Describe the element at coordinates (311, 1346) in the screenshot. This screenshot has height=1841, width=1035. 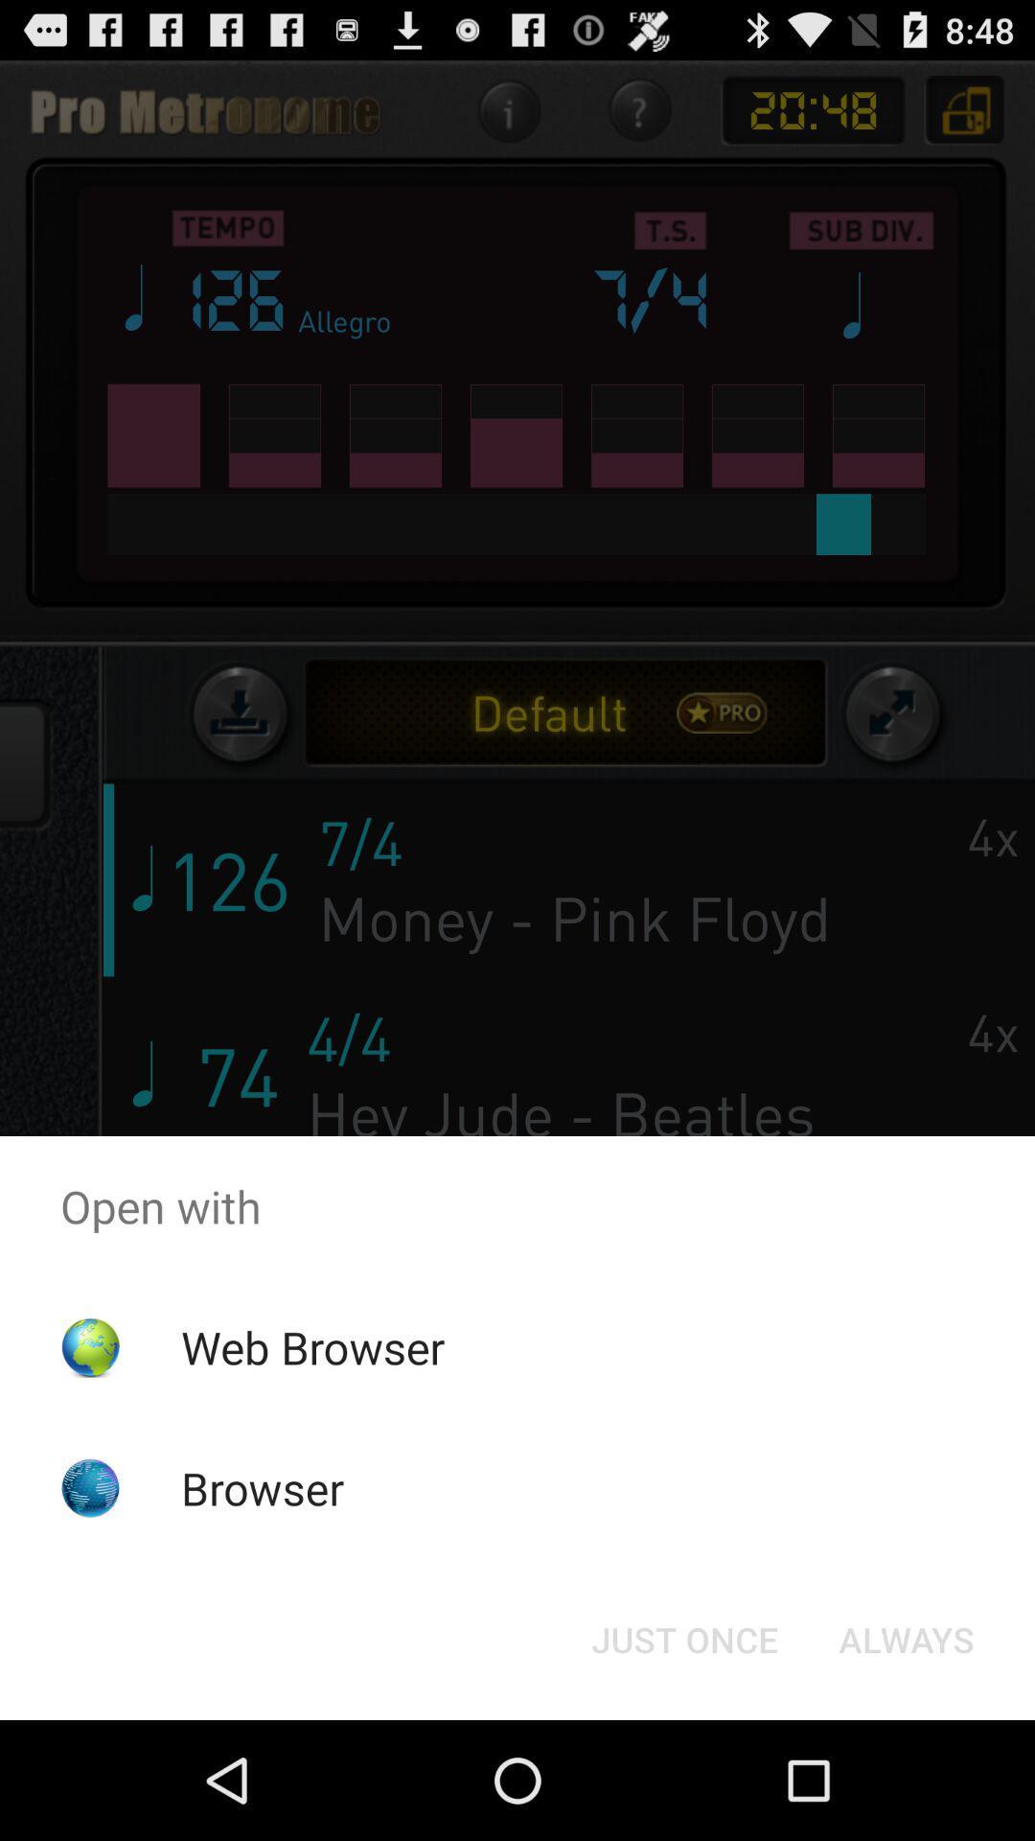
I see `app above the browser app` at that location.